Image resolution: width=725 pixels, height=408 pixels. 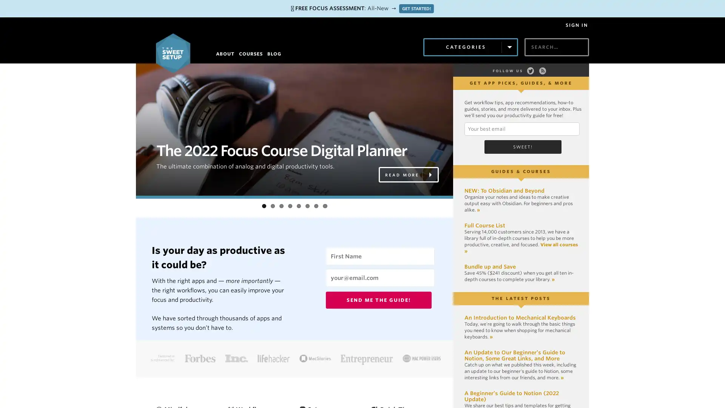 What do you see at coordinates (379, 299) in the screenshot?
I see `Send Me the Guide!` at bounding box center [379, 299].